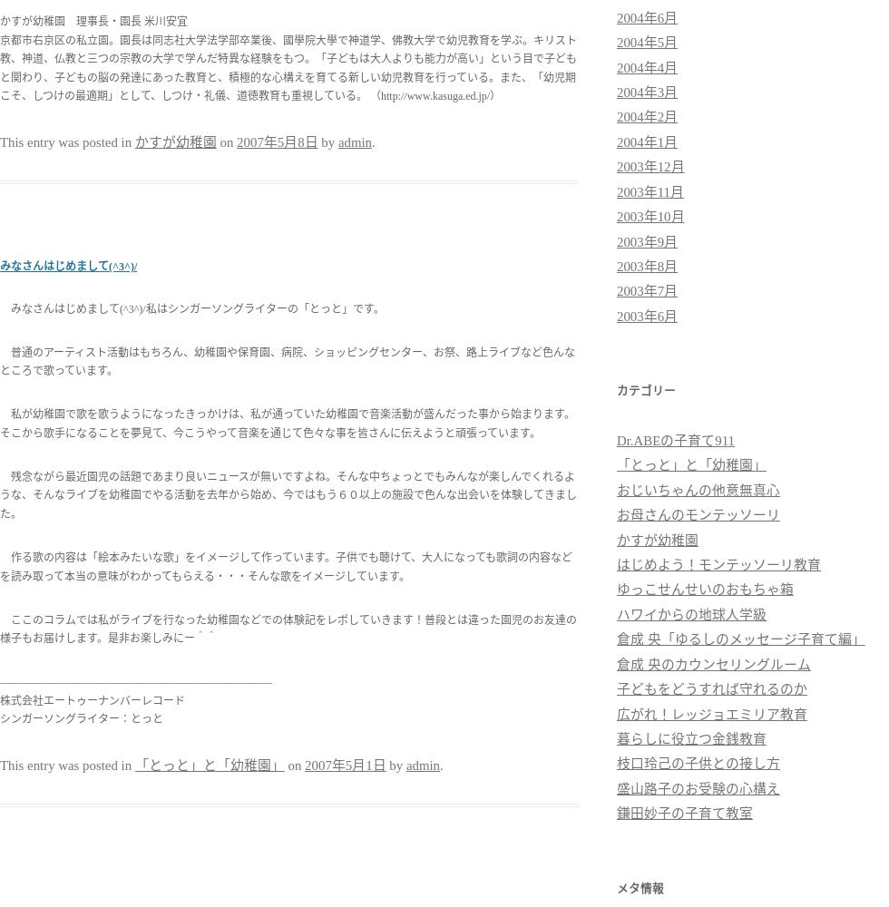  I want to click on '2004年5月', so click(647, 43).